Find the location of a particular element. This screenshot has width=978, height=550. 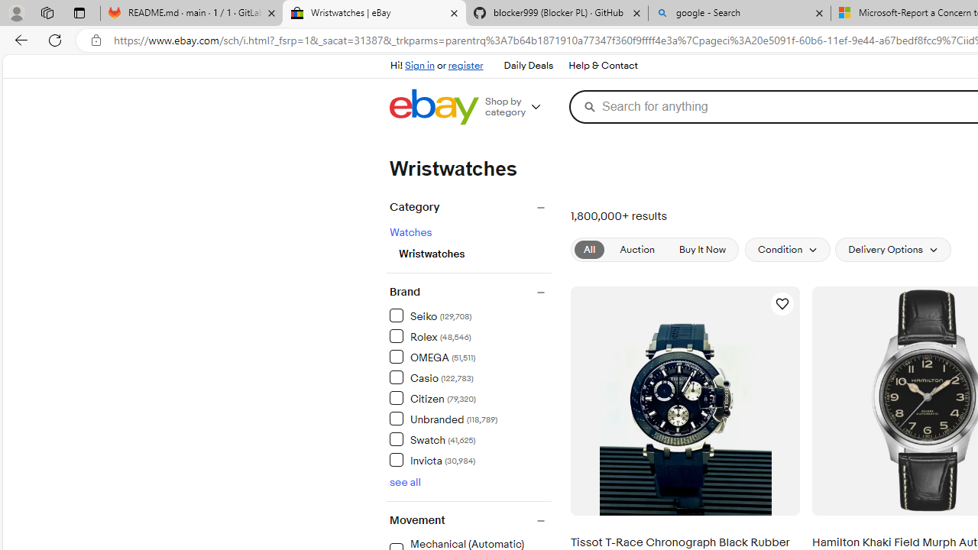

'register' is located at coordinates (465, 65).